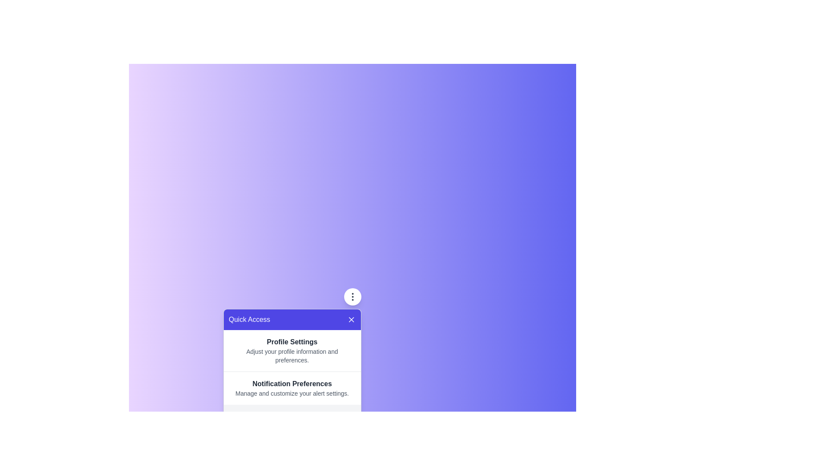  Describe the element at coordinates (351, 319) in the screenshot. I see `the small white cross icon located in the top-right corner of the 'Quick Access' header section` at that location.